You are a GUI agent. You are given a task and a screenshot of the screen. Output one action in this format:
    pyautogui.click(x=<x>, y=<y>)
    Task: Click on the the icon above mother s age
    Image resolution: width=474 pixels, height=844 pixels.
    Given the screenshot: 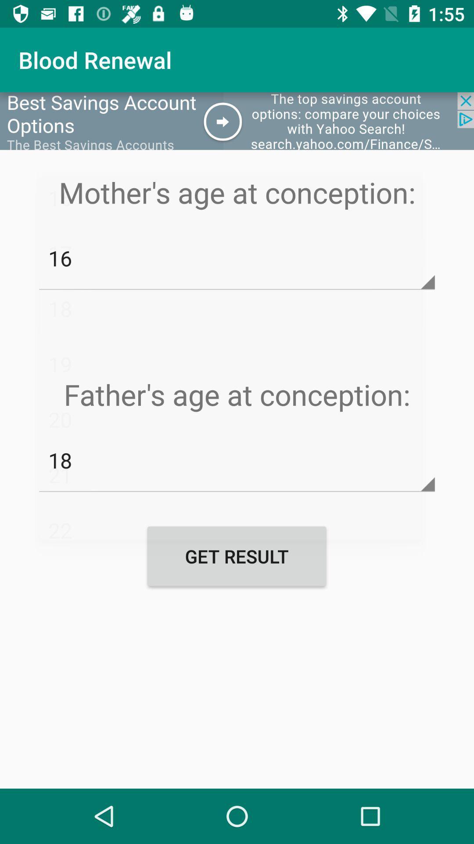 What is the action you would take?
    pyautogui.click(x=237, y=120)
    